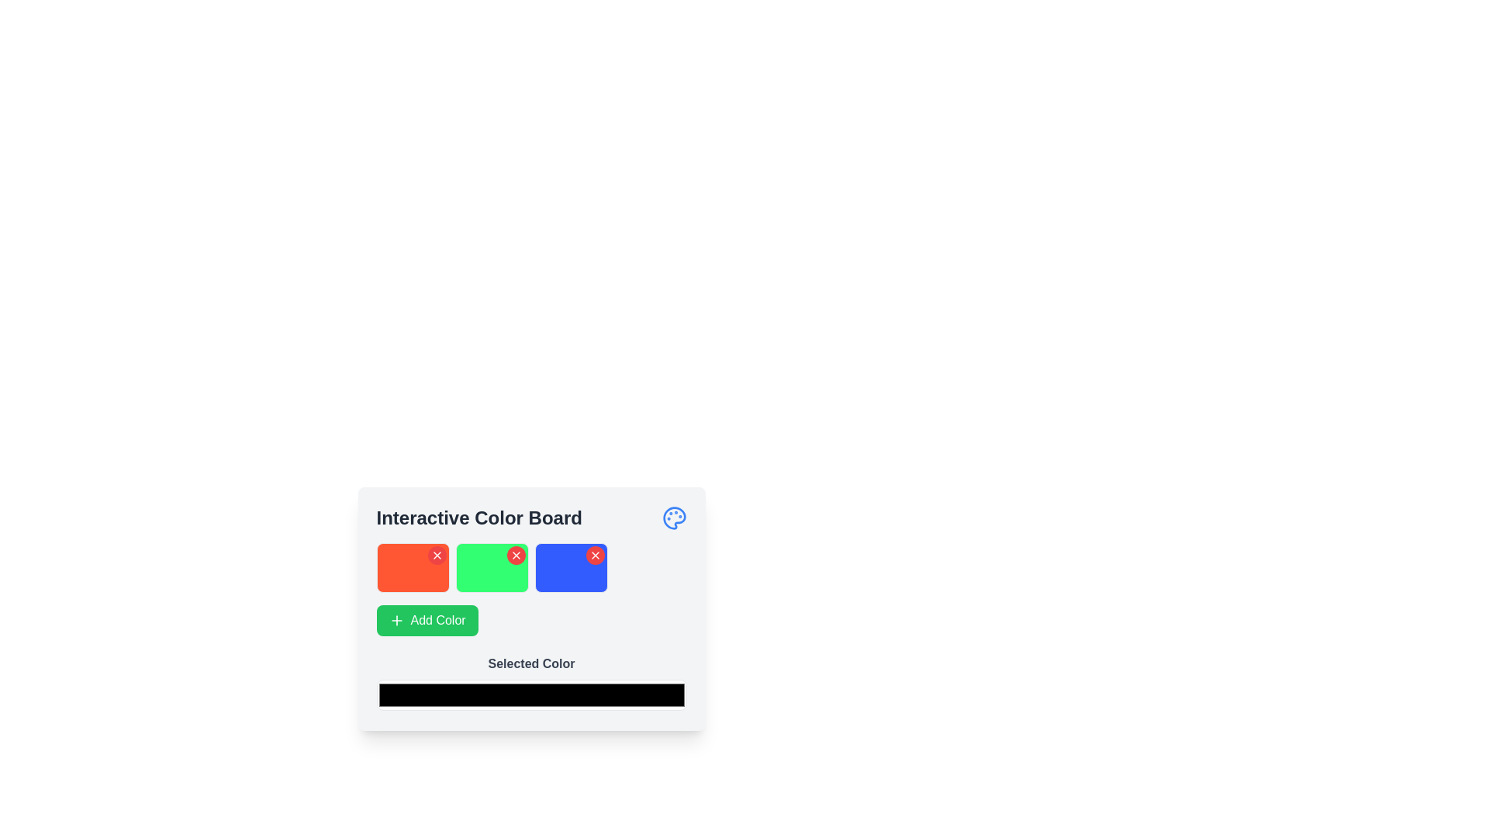  Describe the element at coordinates (396, 619) in the screenshot. I see `the plus icon located within the green 'Add Color' button, positioned to the left of the text` at that location.